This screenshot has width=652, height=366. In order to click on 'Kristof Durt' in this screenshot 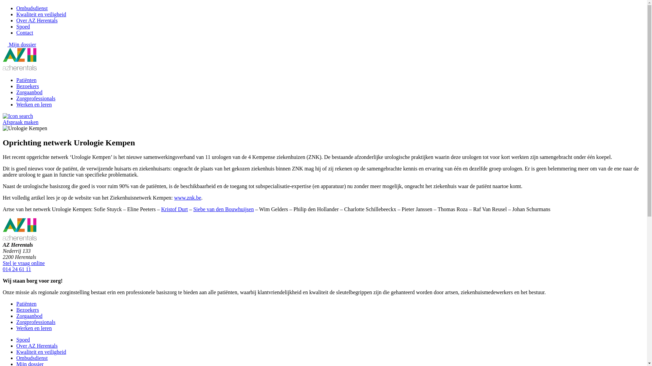, I will do `click(175, 209)`.